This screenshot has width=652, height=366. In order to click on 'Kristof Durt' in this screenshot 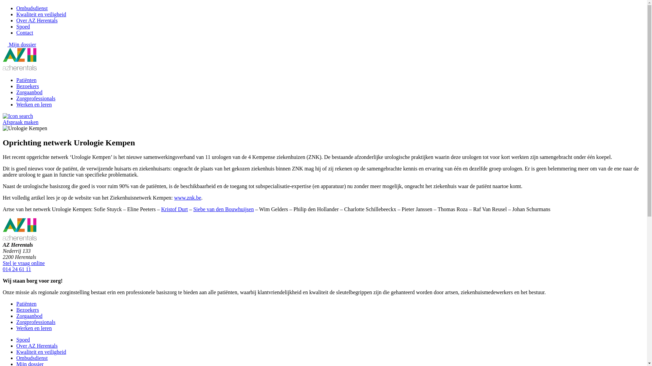, I will do `click(175, 209)`.